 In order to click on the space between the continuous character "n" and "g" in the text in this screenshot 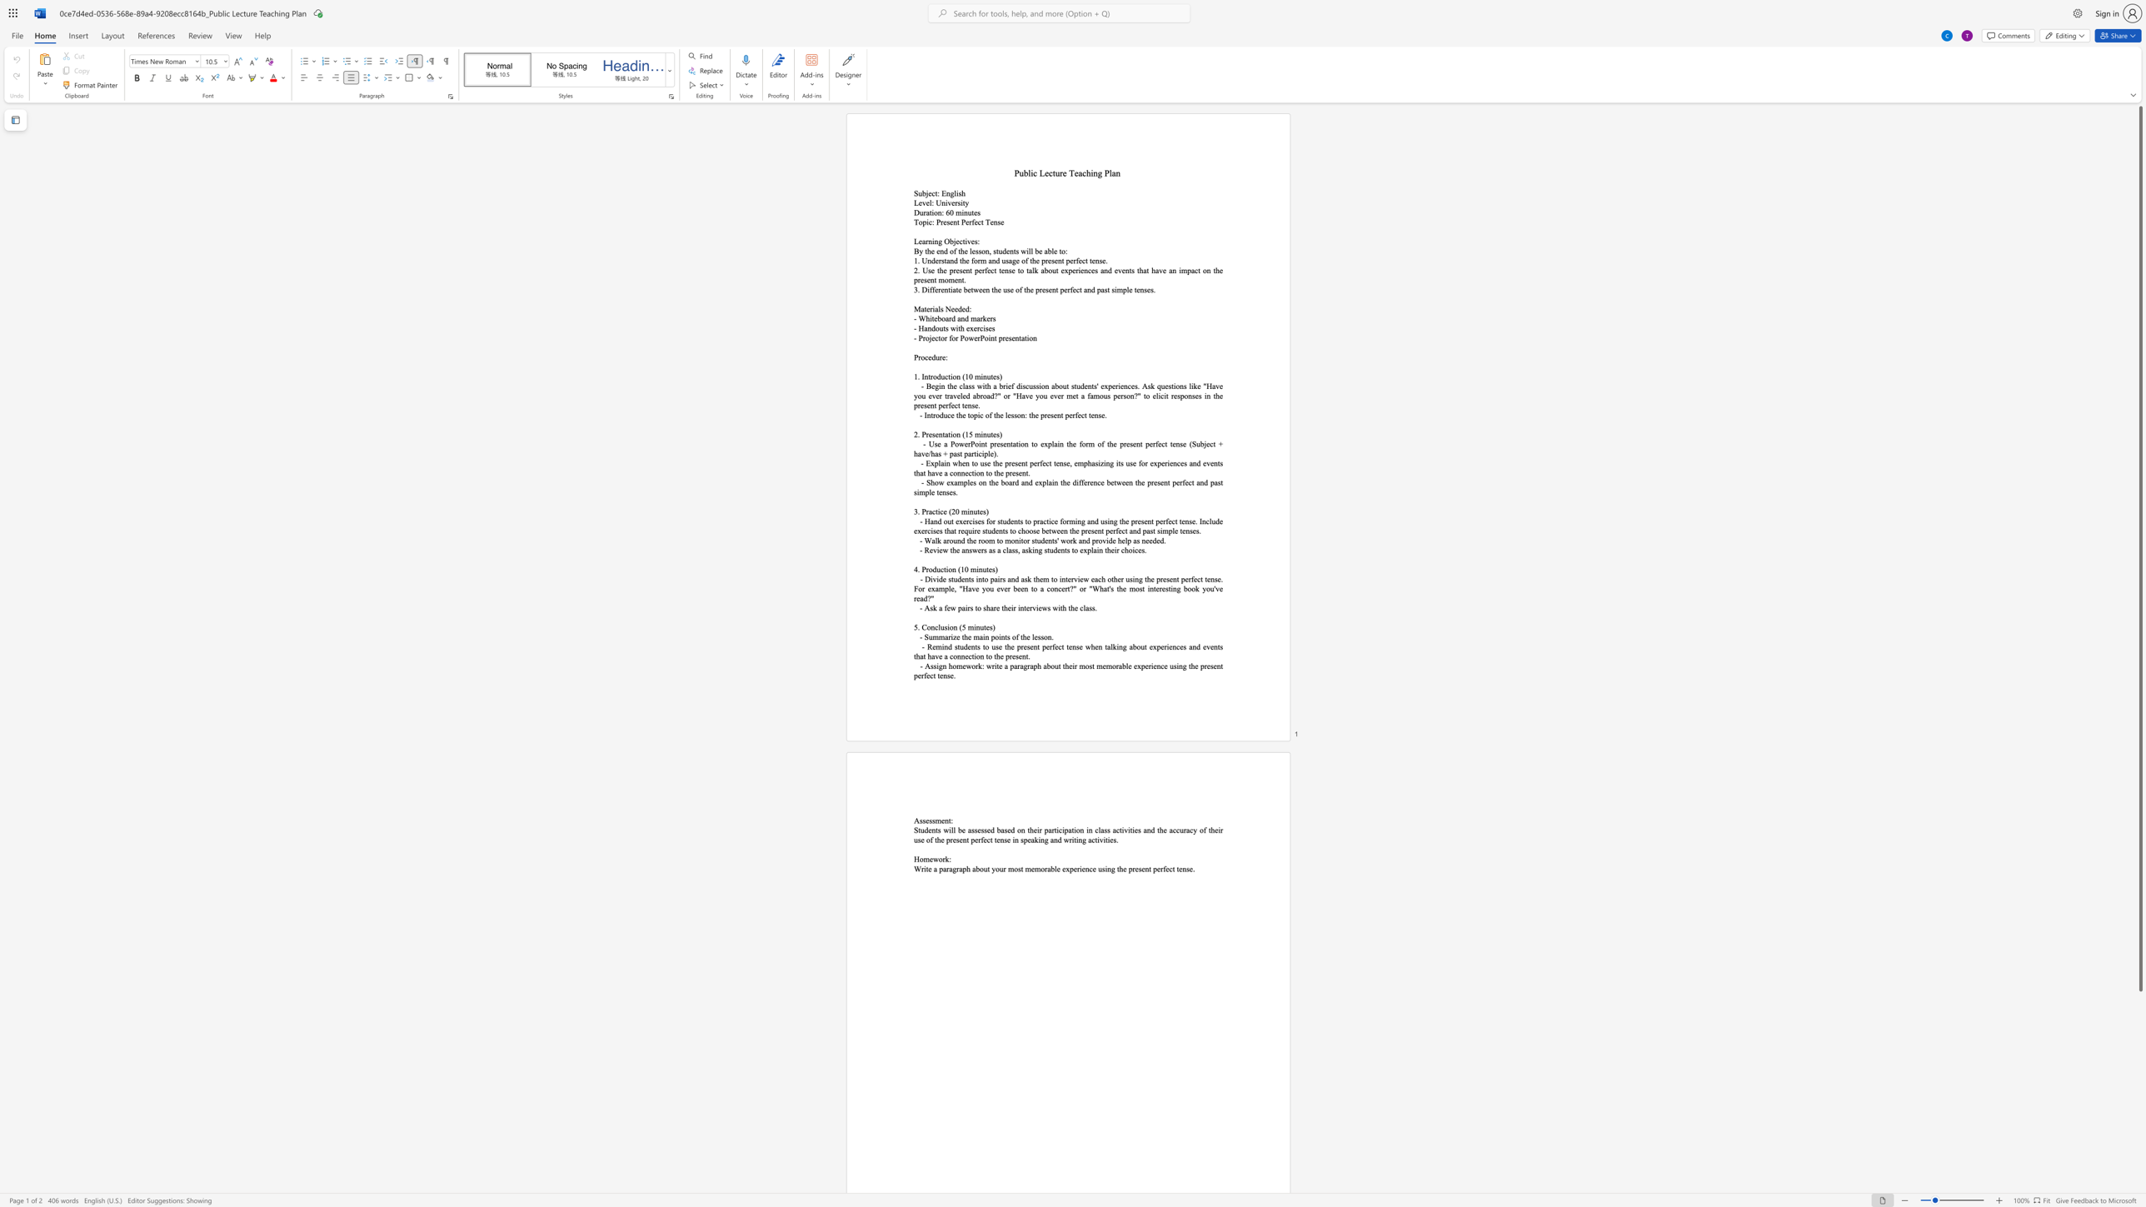, I will do `click(938, 240)`.